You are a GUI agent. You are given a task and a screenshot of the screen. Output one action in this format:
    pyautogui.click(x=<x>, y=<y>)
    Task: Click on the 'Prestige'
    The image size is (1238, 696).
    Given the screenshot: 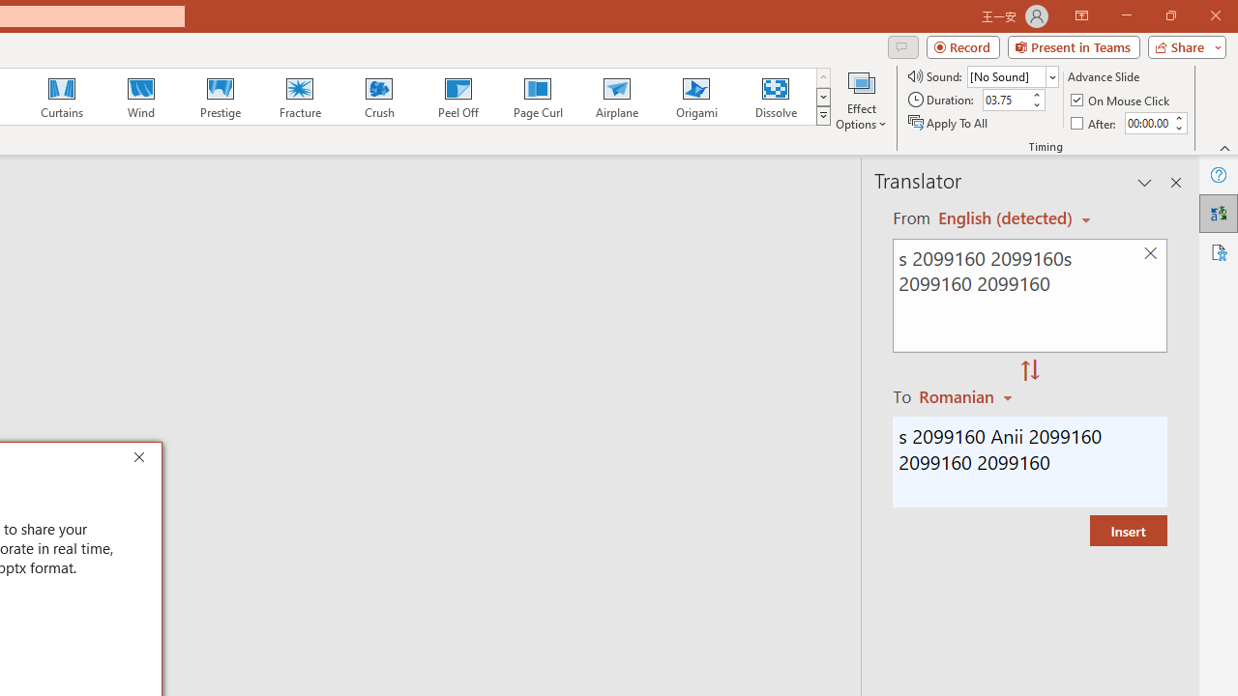 What is the action you would take?
    pyautogui.click(x=220, y=97)
    